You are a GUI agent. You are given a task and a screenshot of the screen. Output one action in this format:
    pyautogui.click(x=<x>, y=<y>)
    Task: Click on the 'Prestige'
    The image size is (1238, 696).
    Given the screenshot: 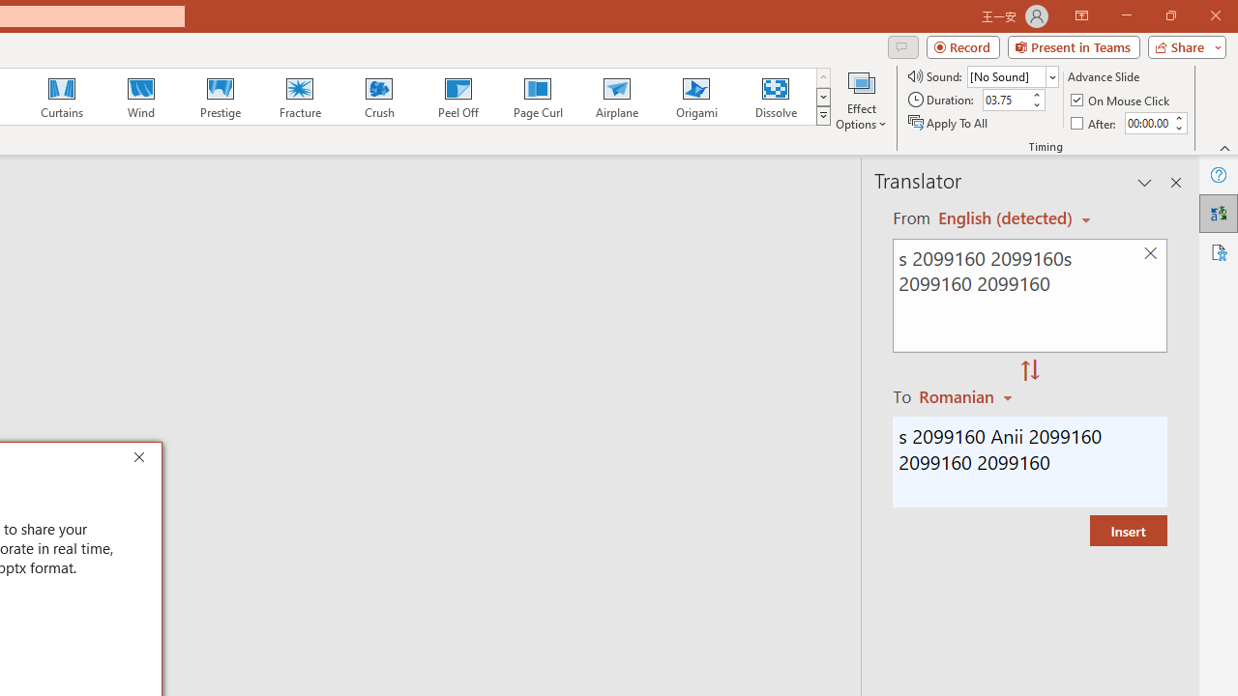 What is the action you would take?
    pyautogui.click(x=220, y=97)
    